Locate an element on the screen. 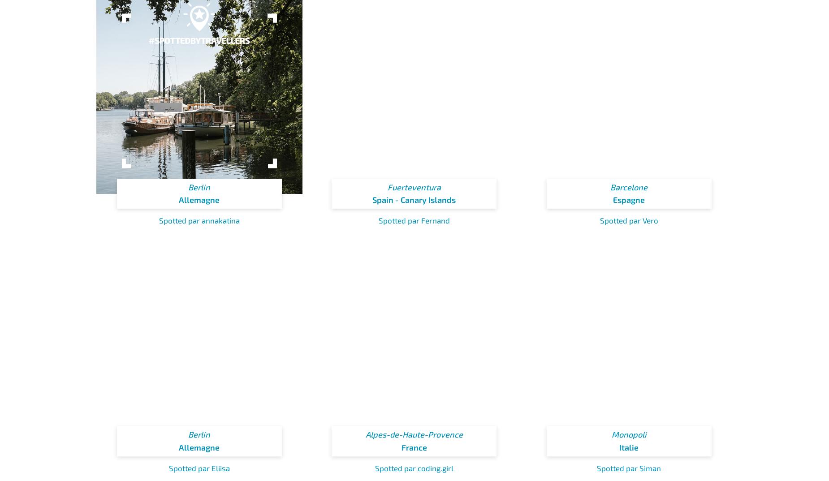  'Spotted par Vero' is located at coordinates (629, 220).